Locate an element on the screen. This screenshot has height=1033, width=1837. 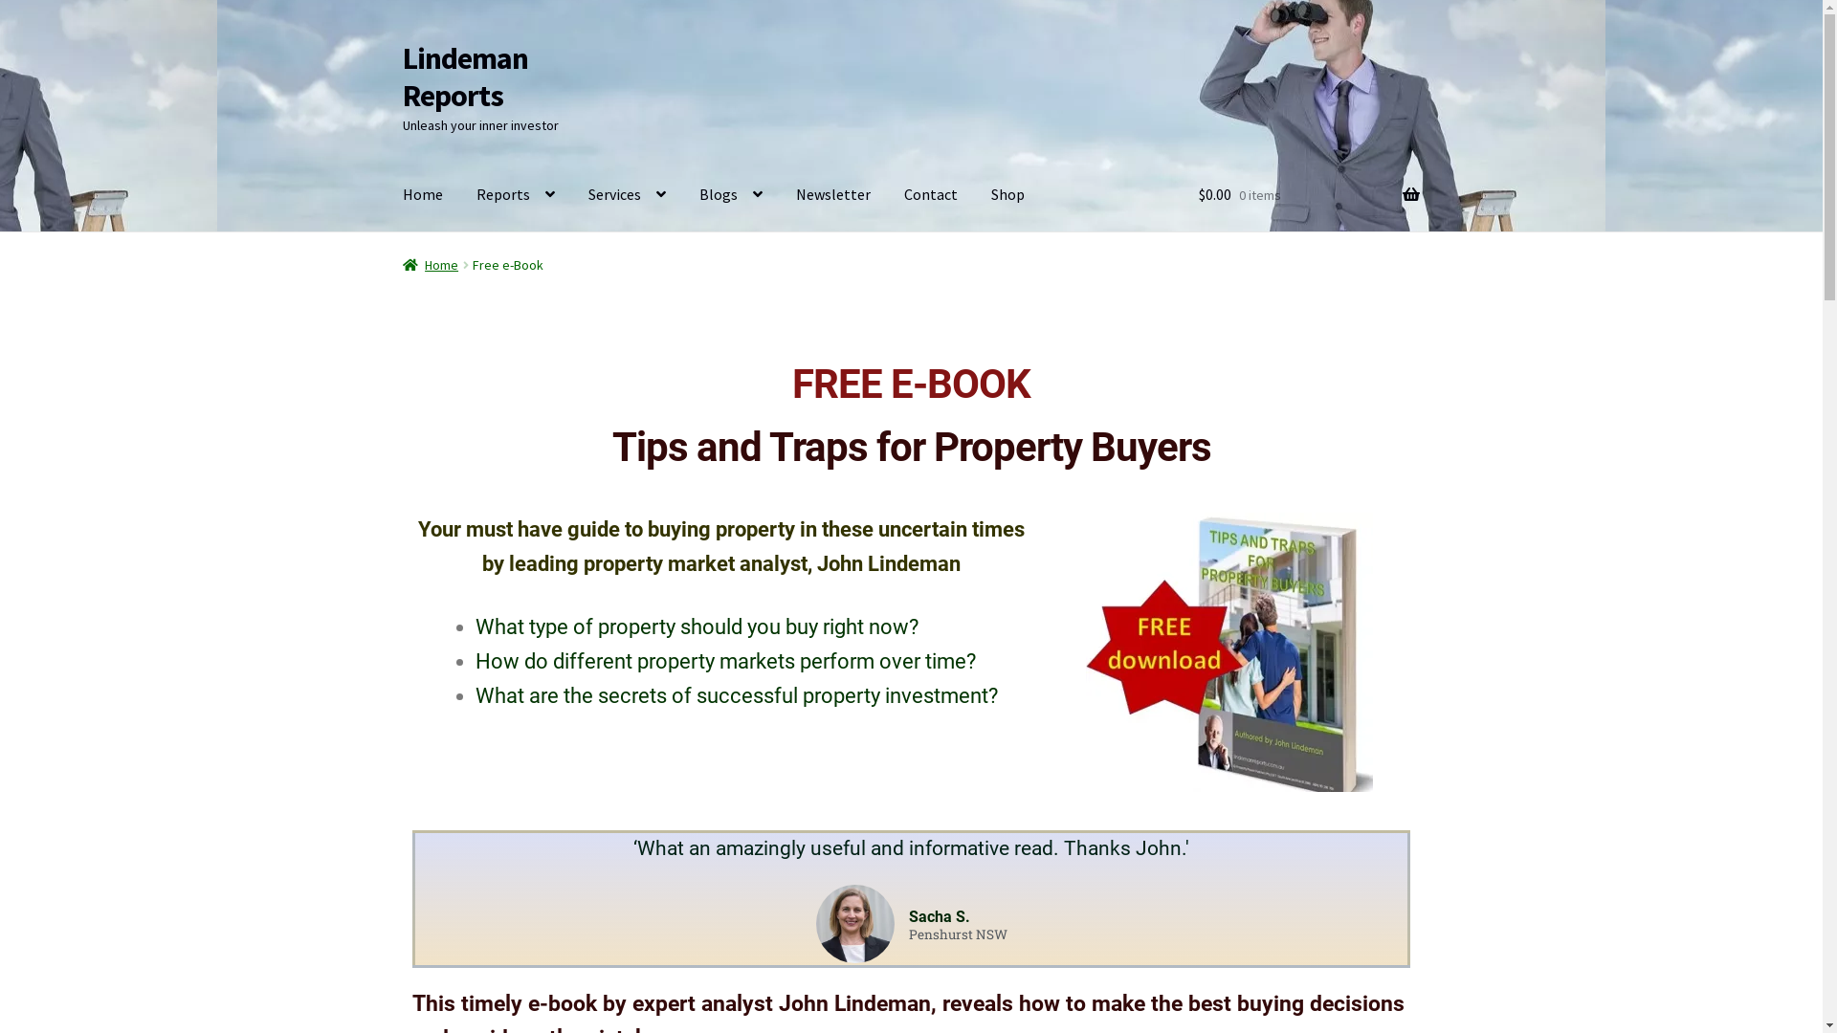
'Shop' is located at coordinates (1007, 195).